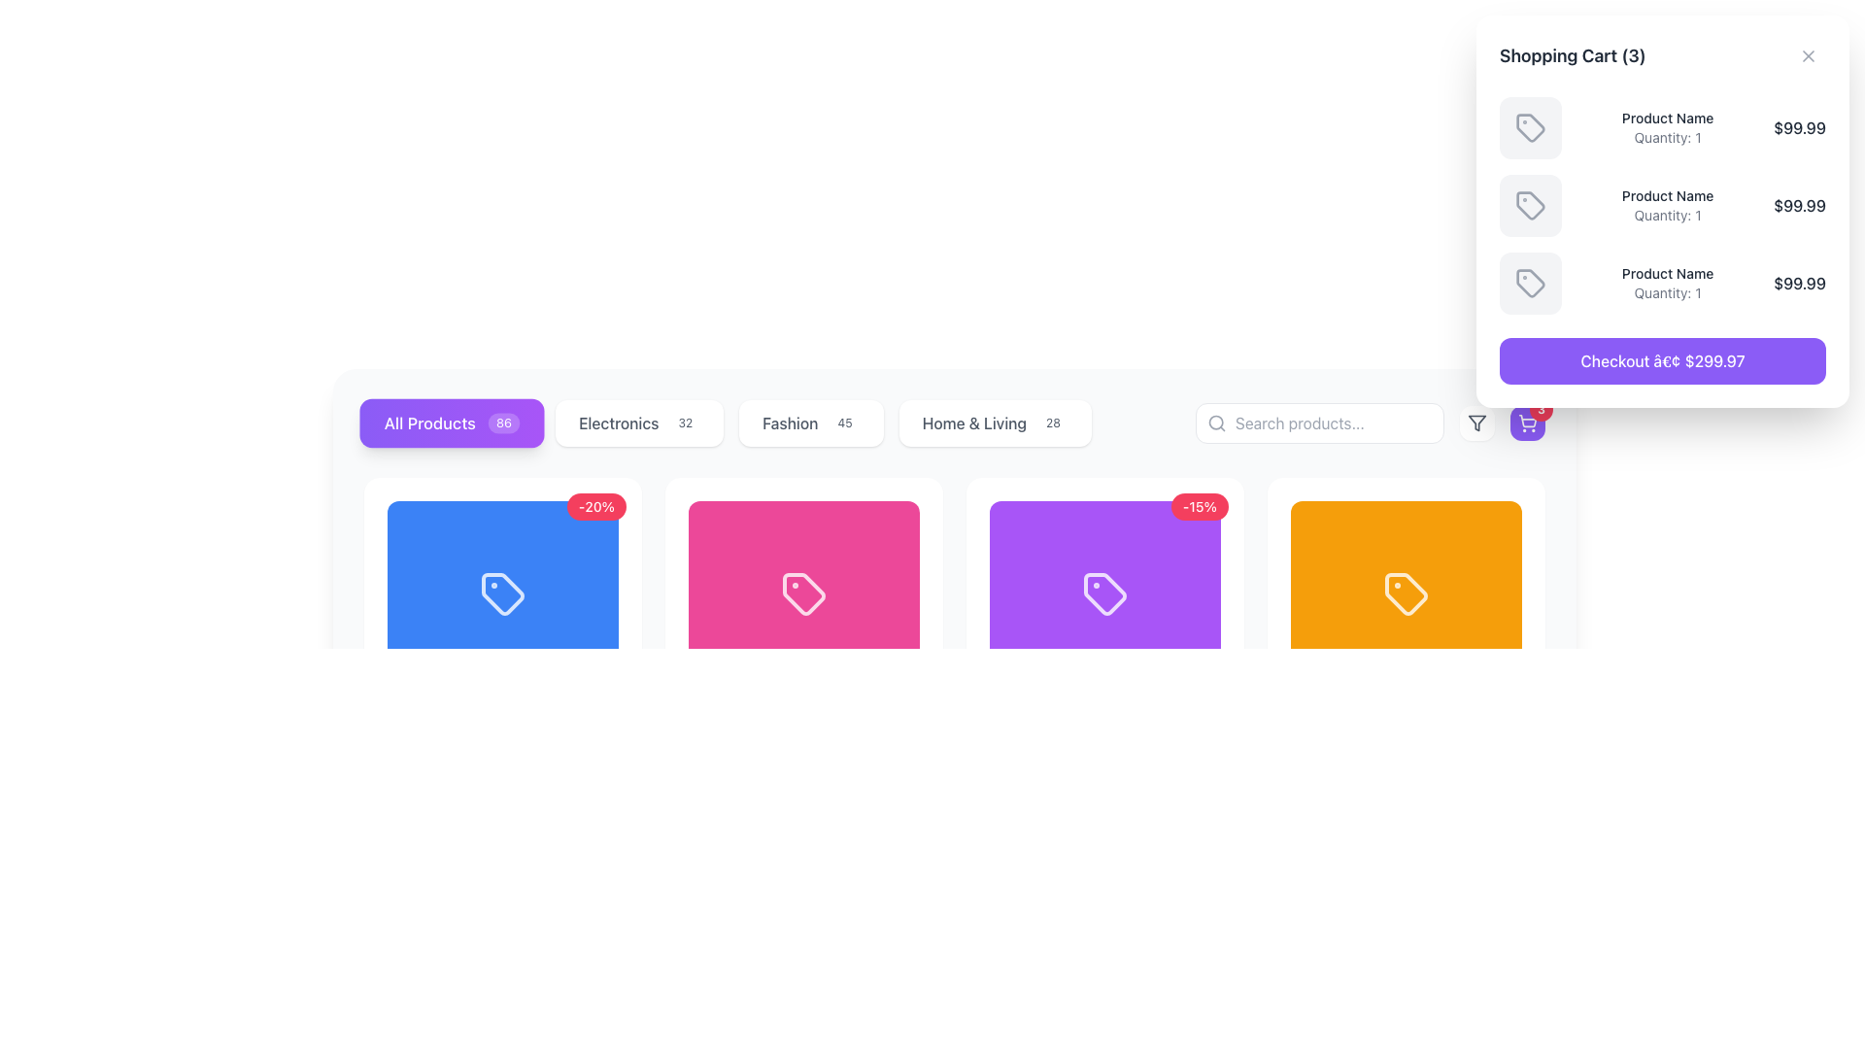 The height and width of the screenshot is (1049, 1865). I want to click on the rectangular area with a bold amber orange background that features a centered tag icon in white, located in the fourth position of a horizontal row of panels in the Visual Panel, so click(1407, 593).